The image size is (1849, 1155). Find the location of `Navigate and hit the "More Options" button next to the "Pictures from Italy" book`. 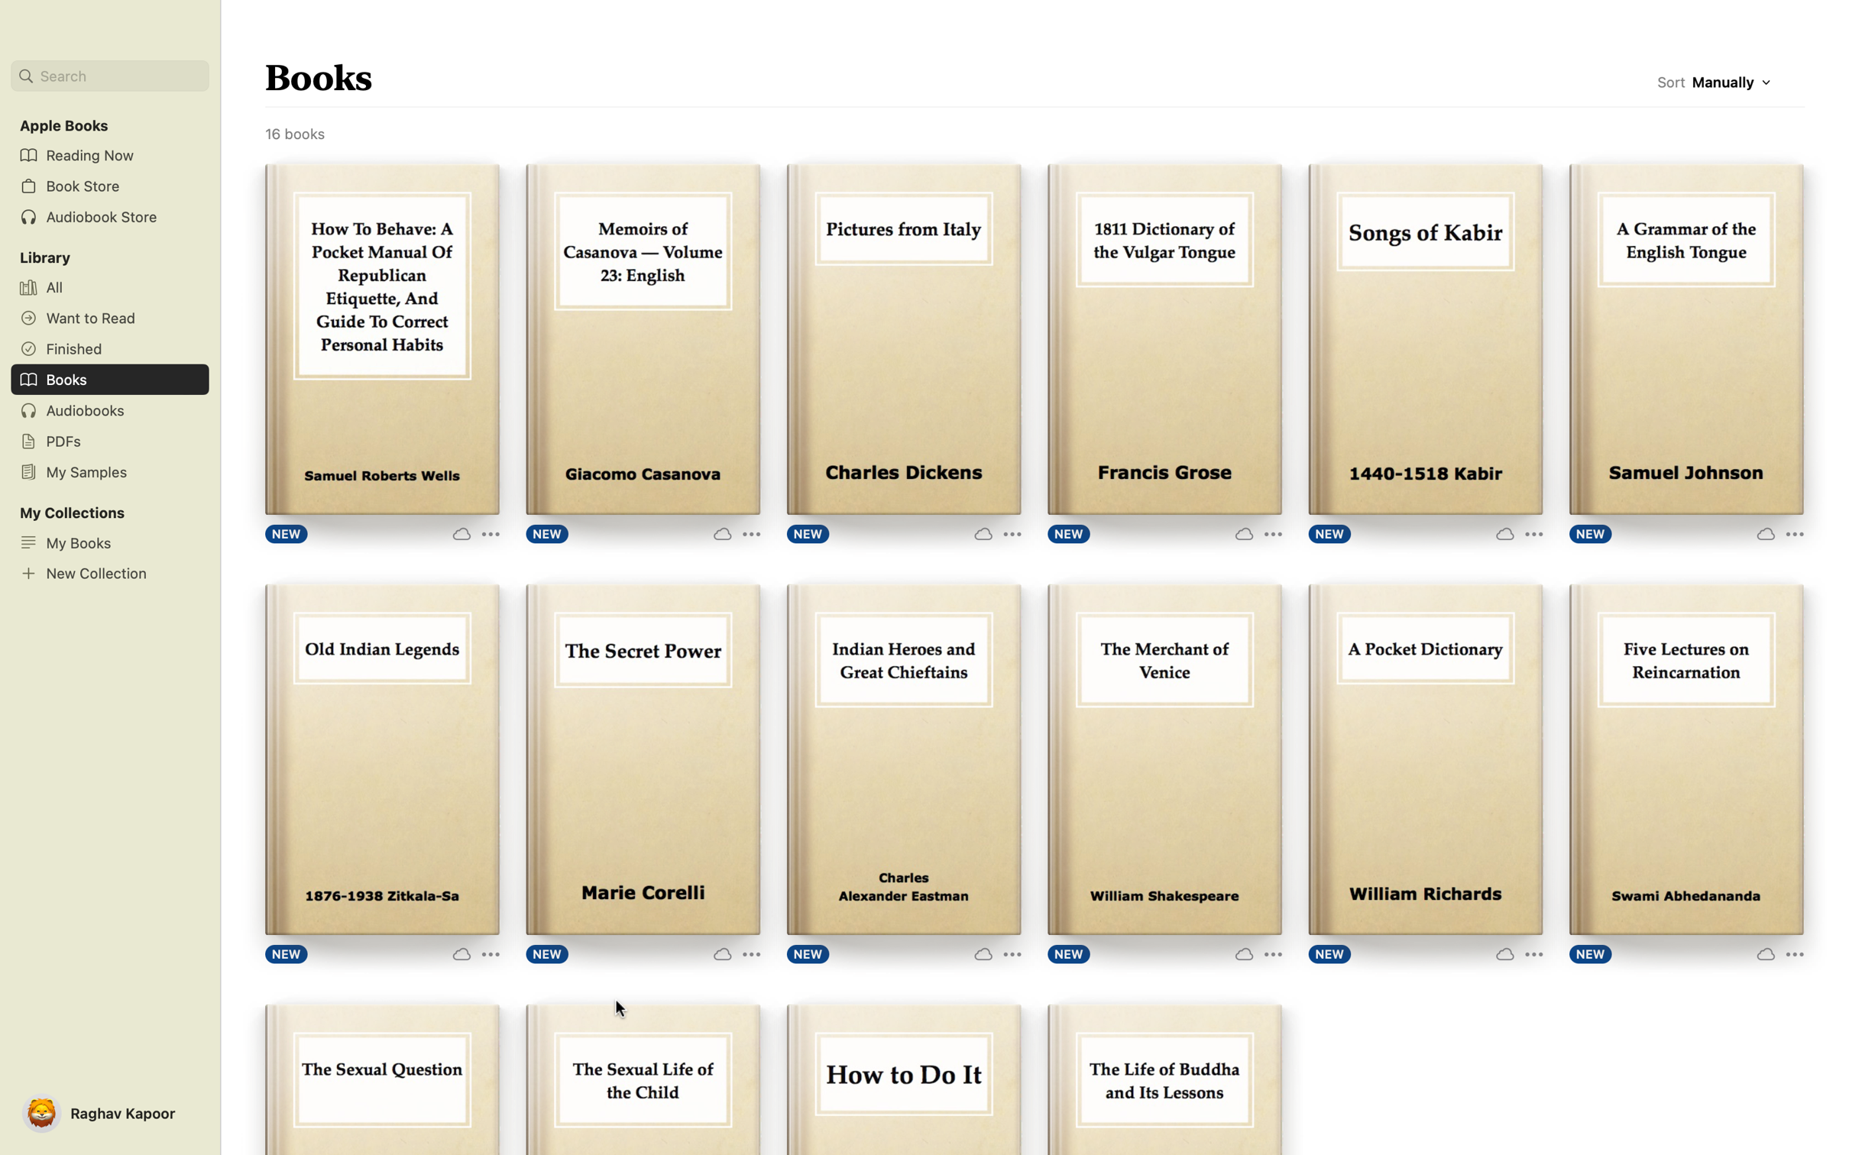

Navigate and hit the "More Options" button next to the "Pictures from Italy" book is located at coordinates (994, 532).